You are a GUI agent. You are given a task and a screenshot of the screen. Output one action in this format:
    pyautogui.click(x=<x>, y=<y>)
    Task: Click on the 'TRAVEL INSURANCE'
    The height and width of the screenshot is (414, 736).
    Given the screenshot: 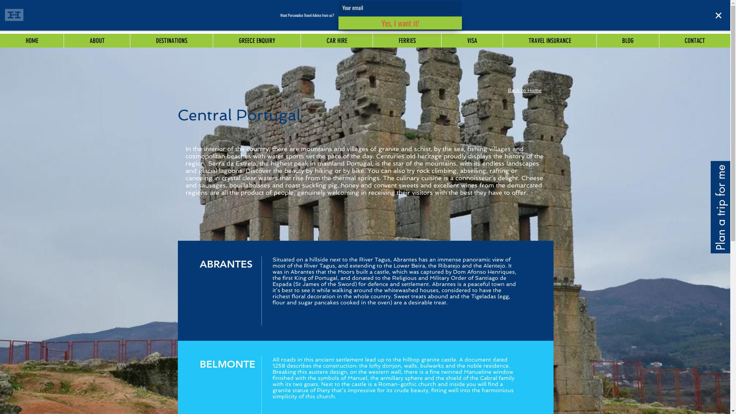 What is the action you would take?
    pyautogui.click(x=549, y=40)
    